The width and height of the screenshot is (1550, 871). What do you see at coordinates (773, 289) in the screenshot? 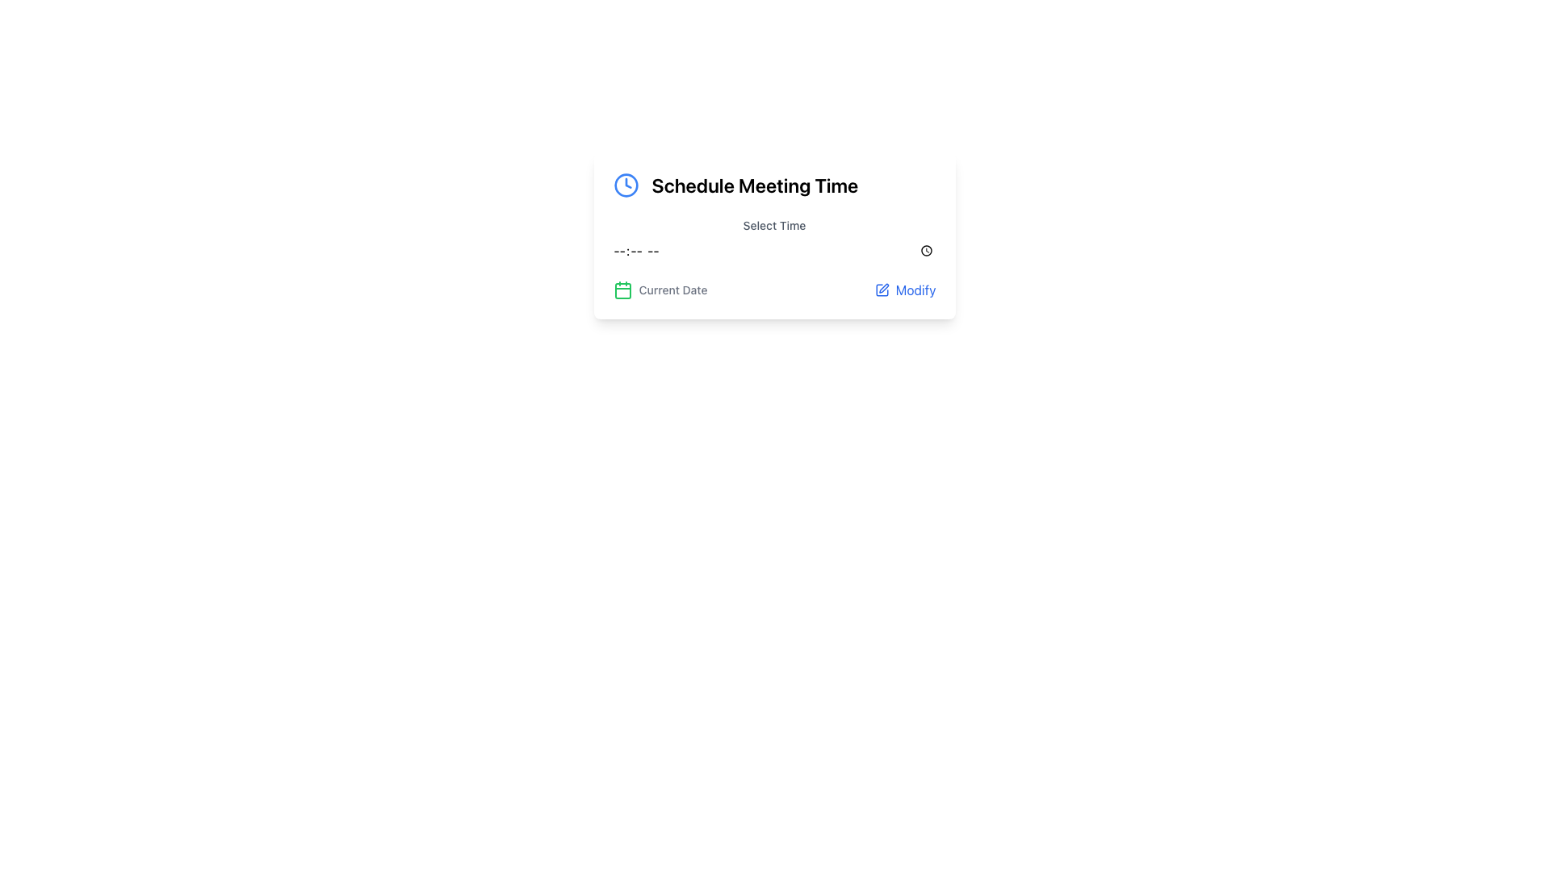
I see `the current date displayed in the Group element that includes a label, icon, and button, which is located below the 'Select Time' section` at bounding box center [773, 289].